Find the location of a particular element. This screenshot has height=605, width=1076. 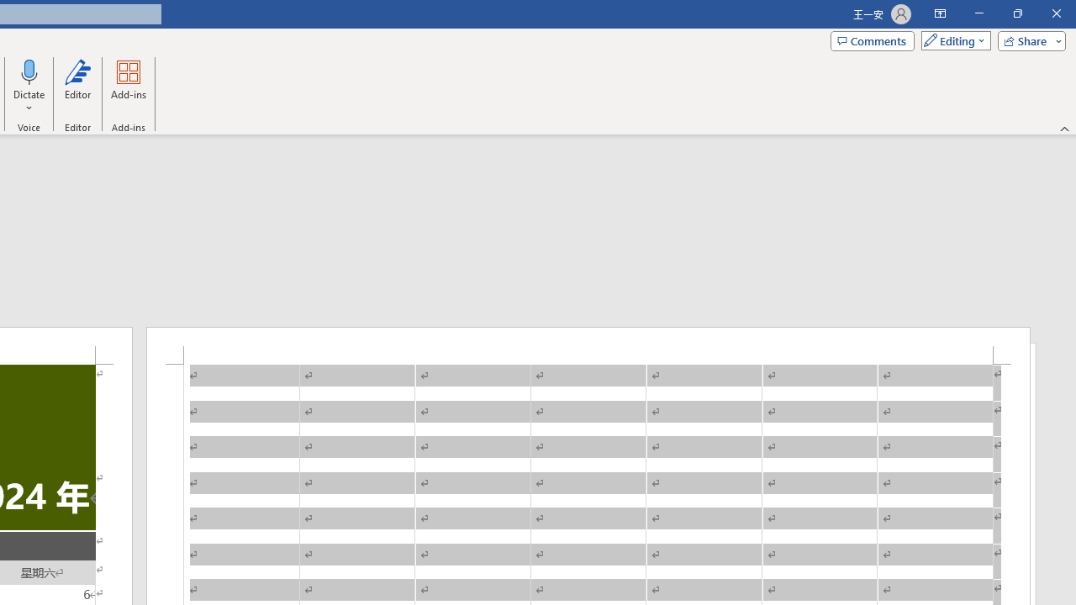

'Ribbon Display Options' is located at coordinates (939, 13).